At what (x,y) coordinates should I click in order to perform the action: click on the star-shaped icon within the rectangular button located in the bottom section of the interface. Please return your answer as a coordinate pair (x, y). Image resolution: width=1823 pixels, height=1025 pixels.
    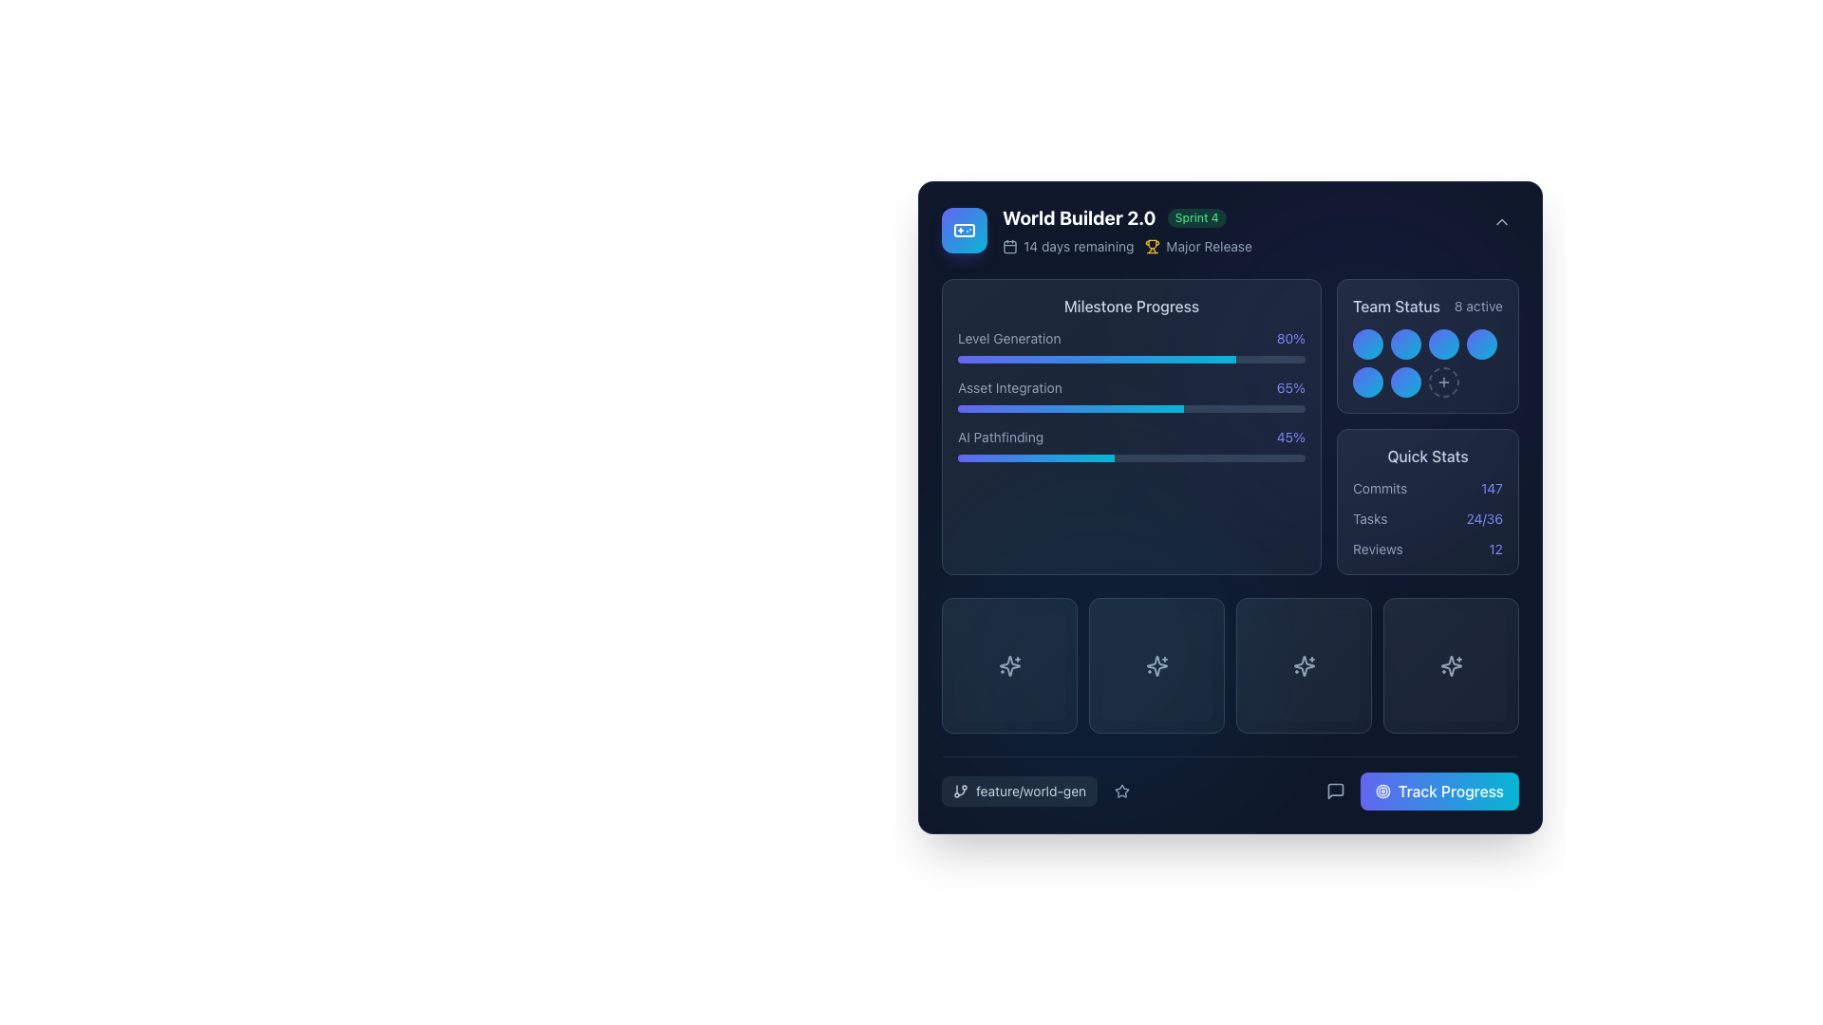
    Looking at the image, I should click on (1122, 791).